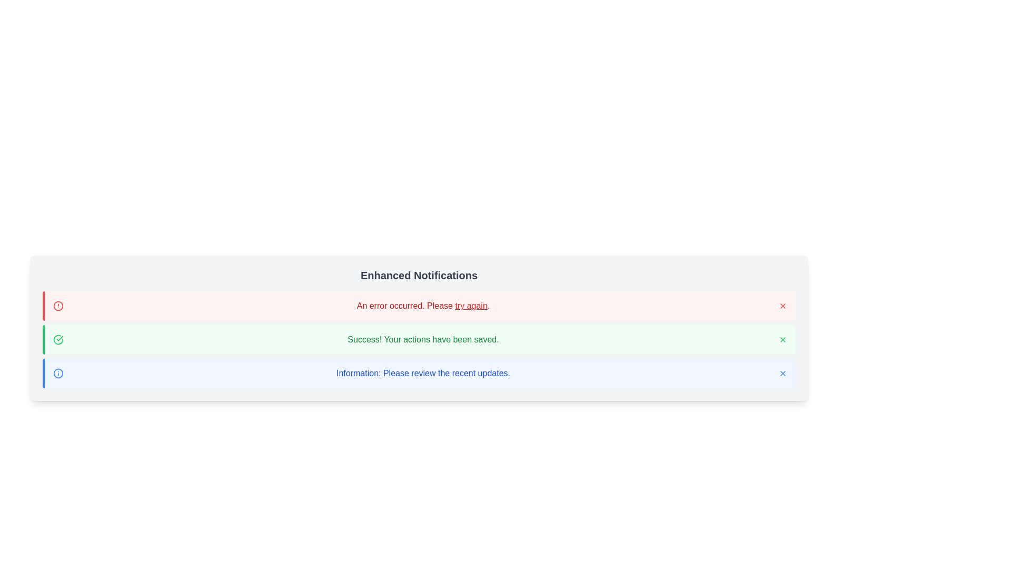 Image resolution: width=1011 pixels, height=569 pixels. I want to click on error notification message styled with red text located at the top of the notifications, following the header text, so click(423, 306).